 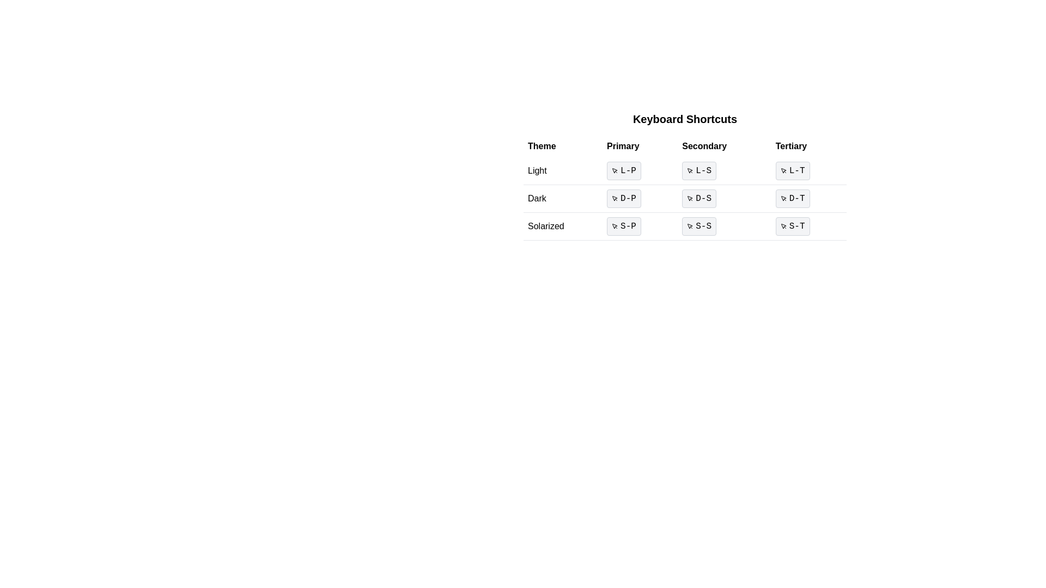 What do you see at coordinates (797, 199) in the screenshot?
I see `the 'D-T' shortcut key indicator text label within the button-like structure for the 'Dark' theme tertiary action, located in the third column under the 'Tertiary' header and the second row` at bounding box center [797, 199].